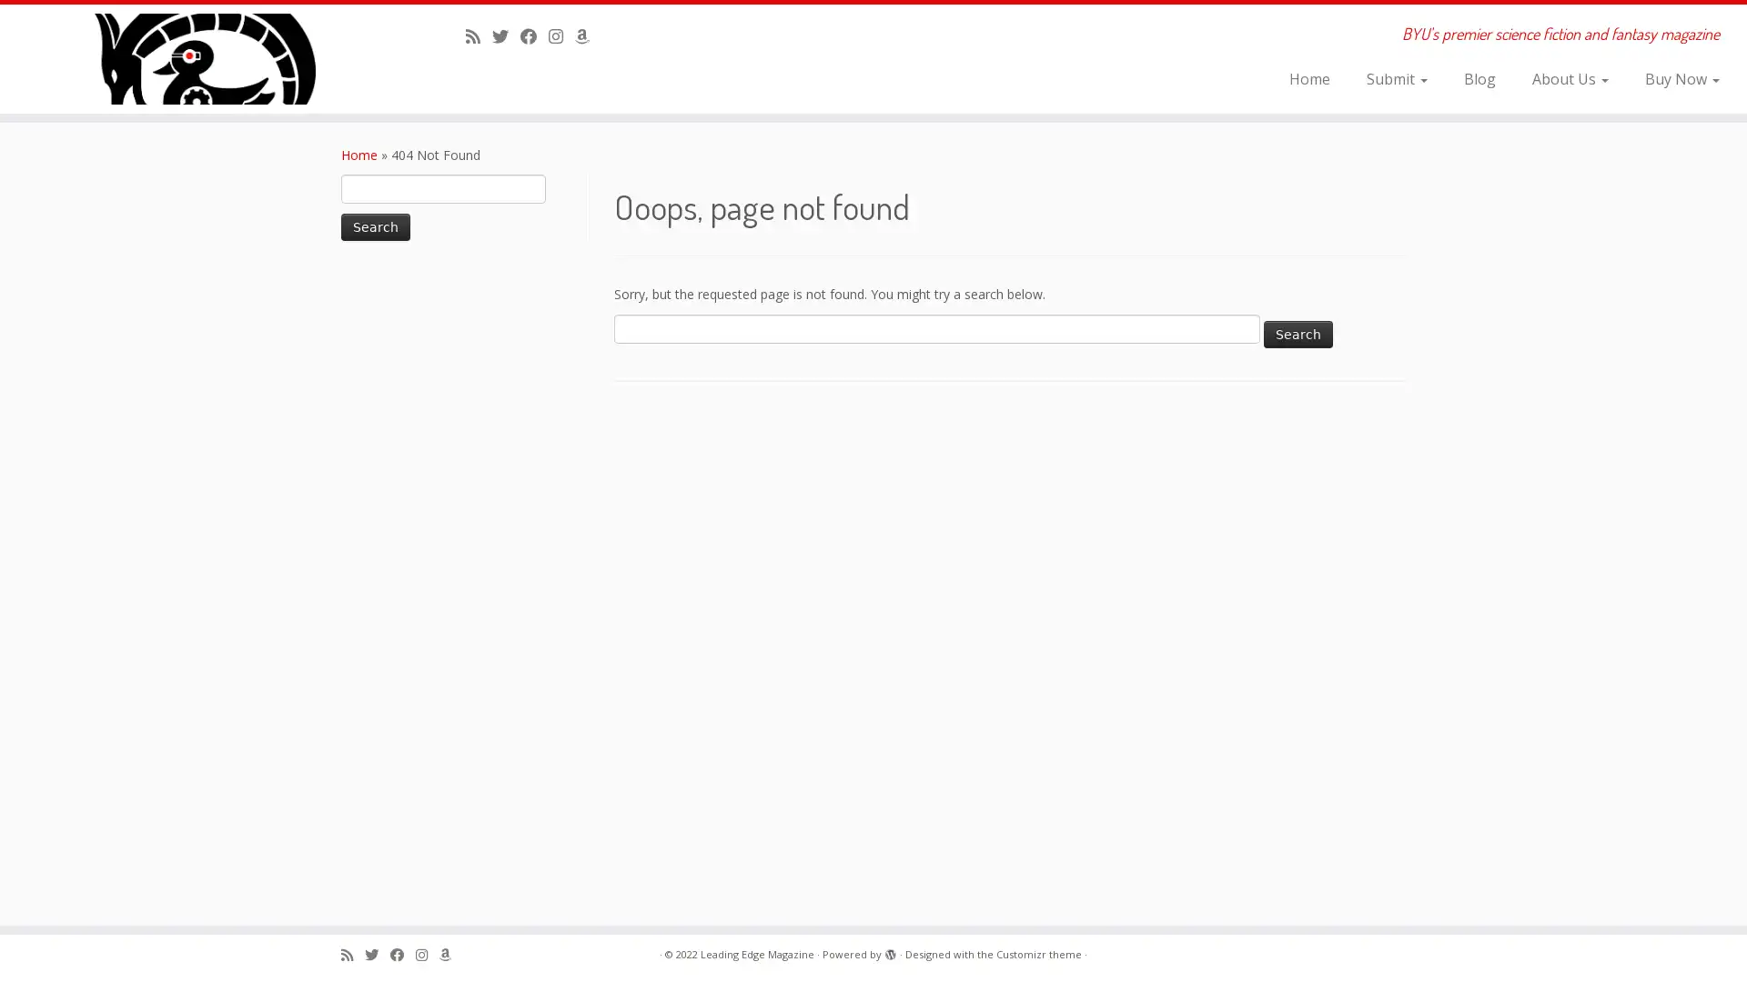 Image resolution: width=1747 pixels, height=982 pixels. Describe the element at coordinates (1297, 333) in the screenshot. I see `Search` at that location.